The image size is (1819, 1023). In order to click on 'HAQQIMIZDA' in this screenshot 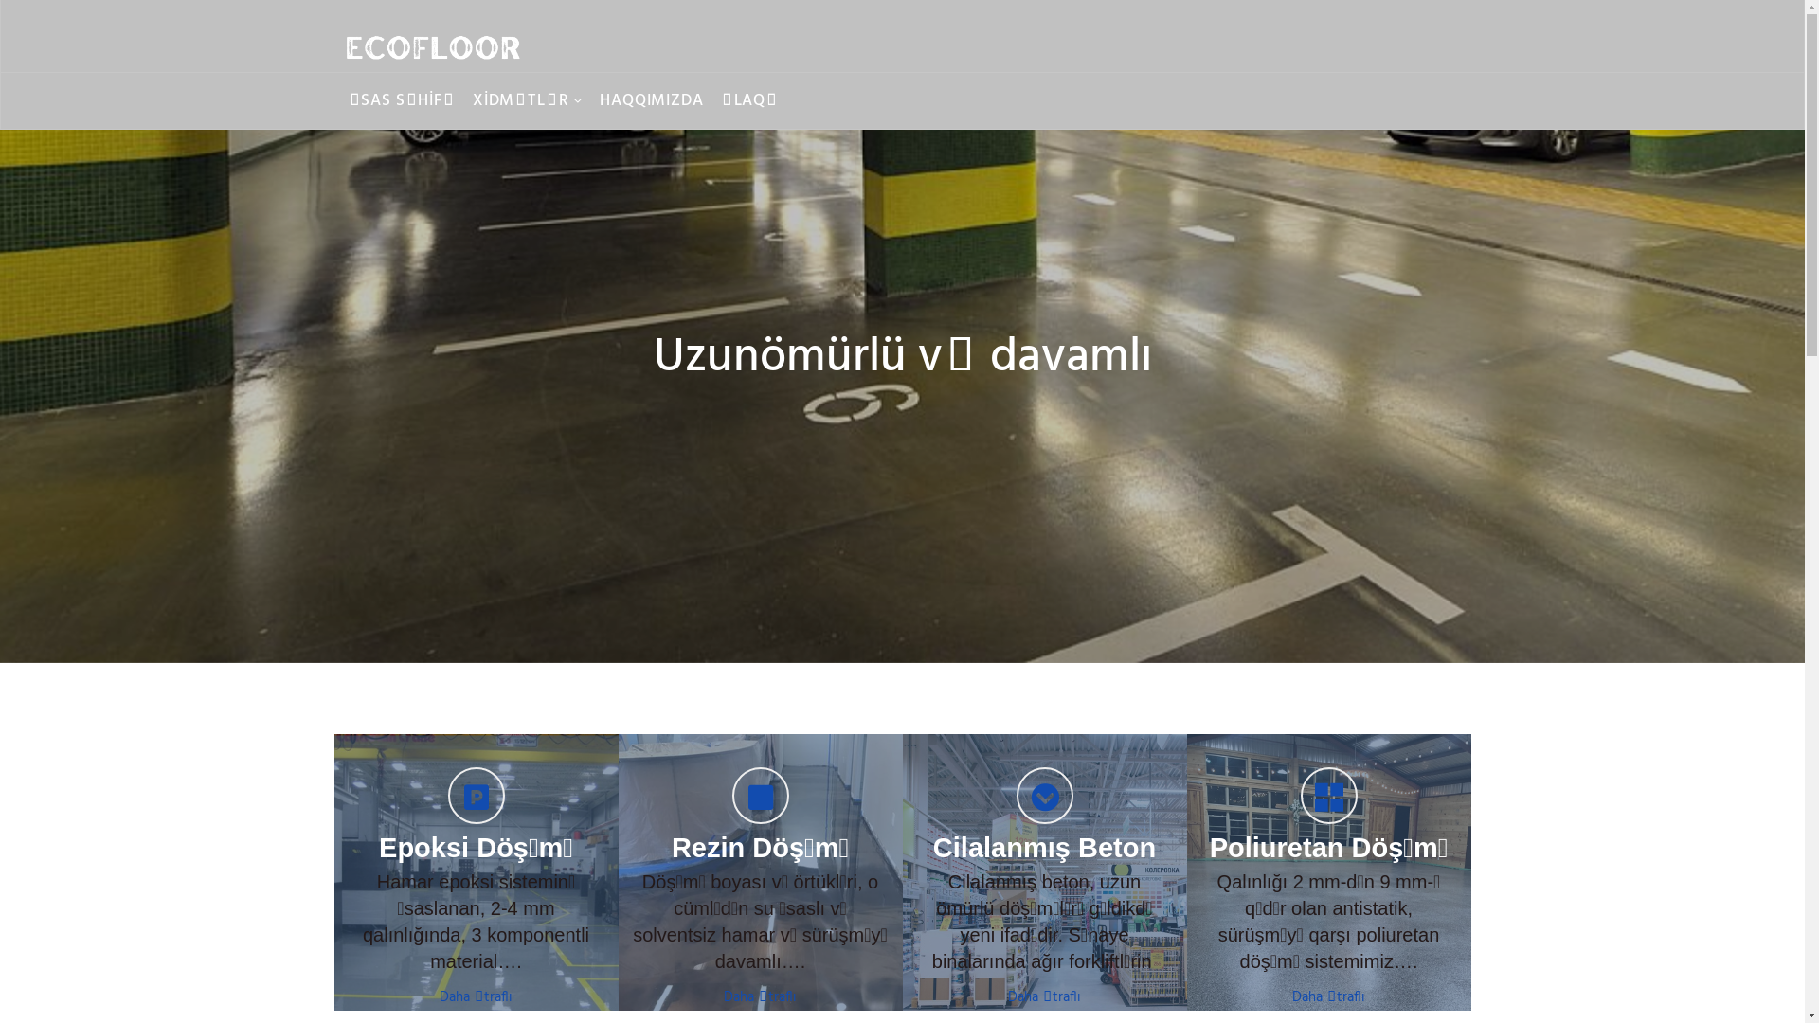, I will do `click(590, 101)`.